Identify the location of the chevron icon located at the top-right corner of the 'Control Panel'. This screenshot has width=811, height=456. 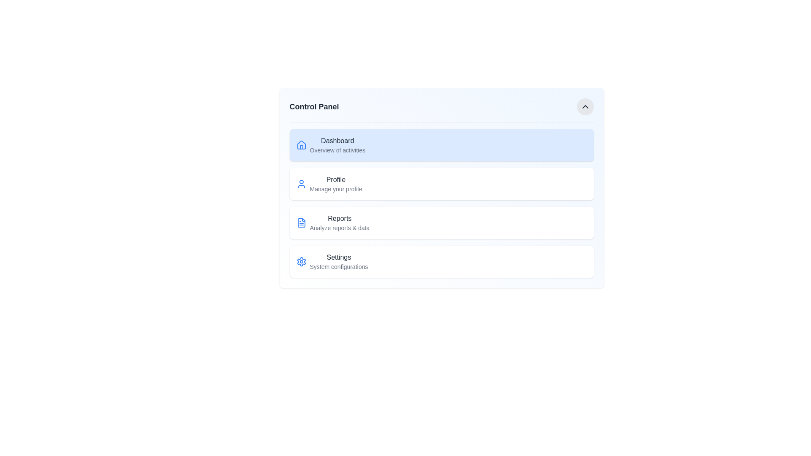
(585, 106).